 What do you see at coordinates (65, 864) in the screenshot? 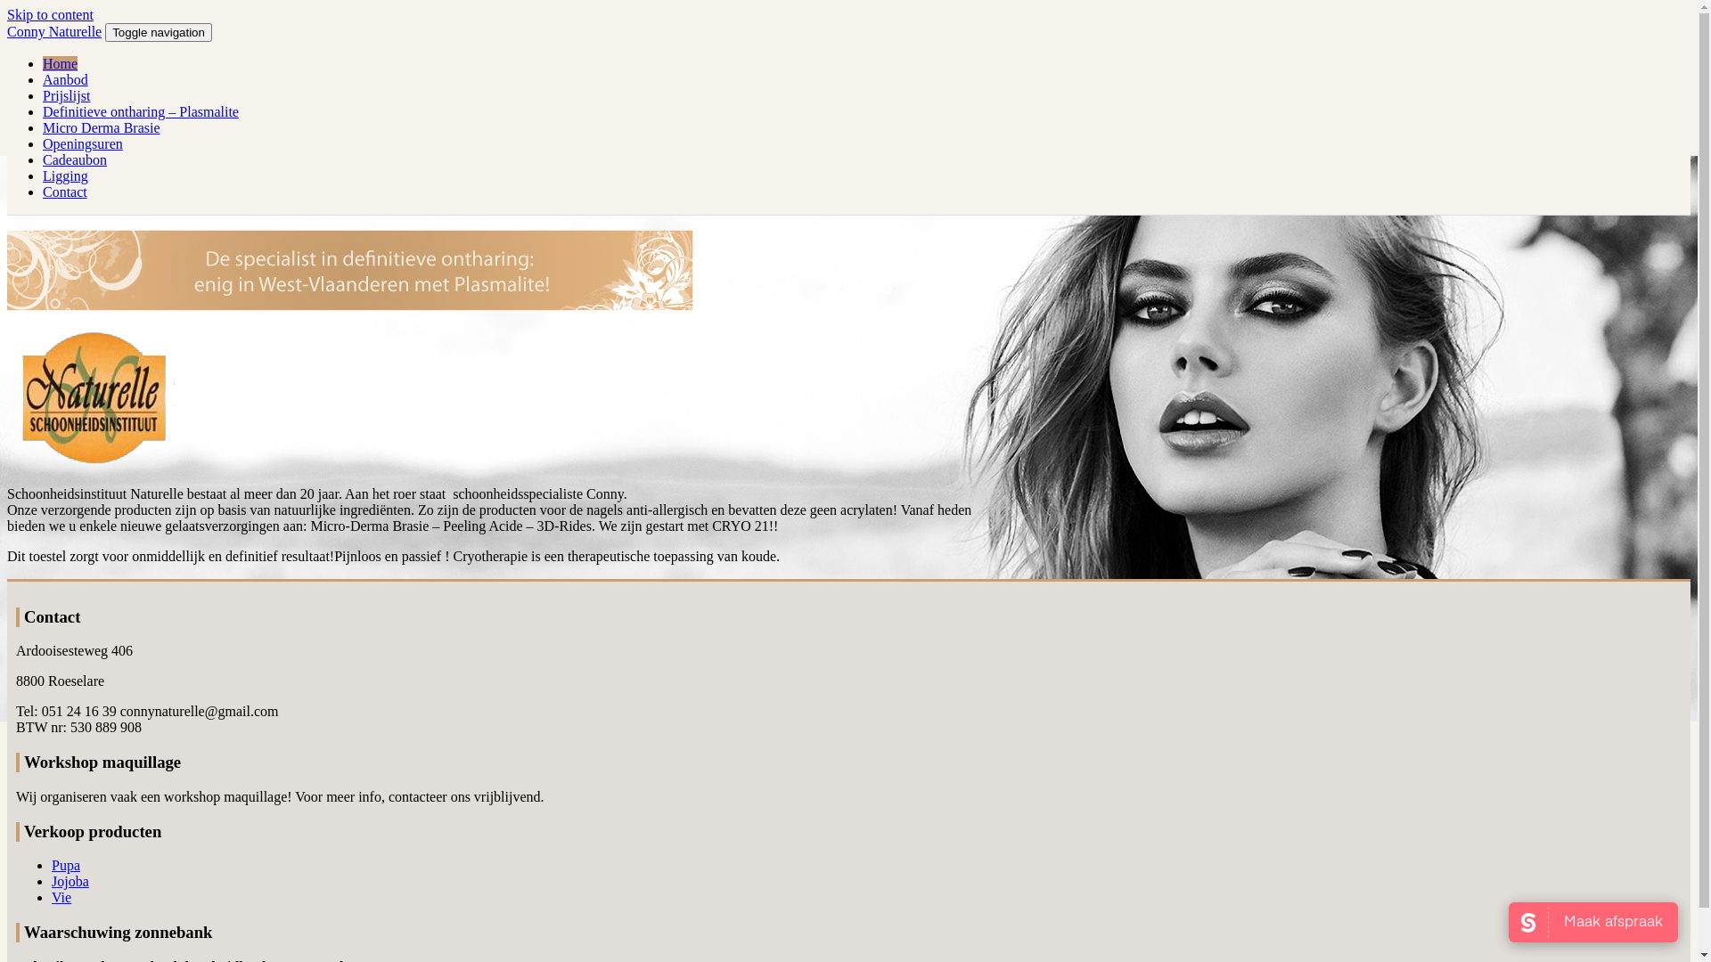
I see `'Pupa'` at bounding box center [65, 864].